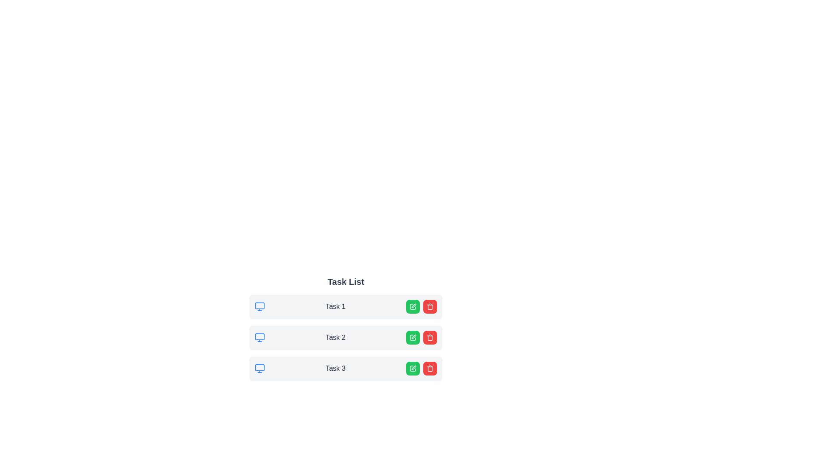 This screenshot has height=464, width=826. What do you see at coordinates (413, 306) in the screenshot?
I see `the green button with a pen icon, located to the left of the red button in the task row labeled 'Task 1'` at bounding box center [413, 306].